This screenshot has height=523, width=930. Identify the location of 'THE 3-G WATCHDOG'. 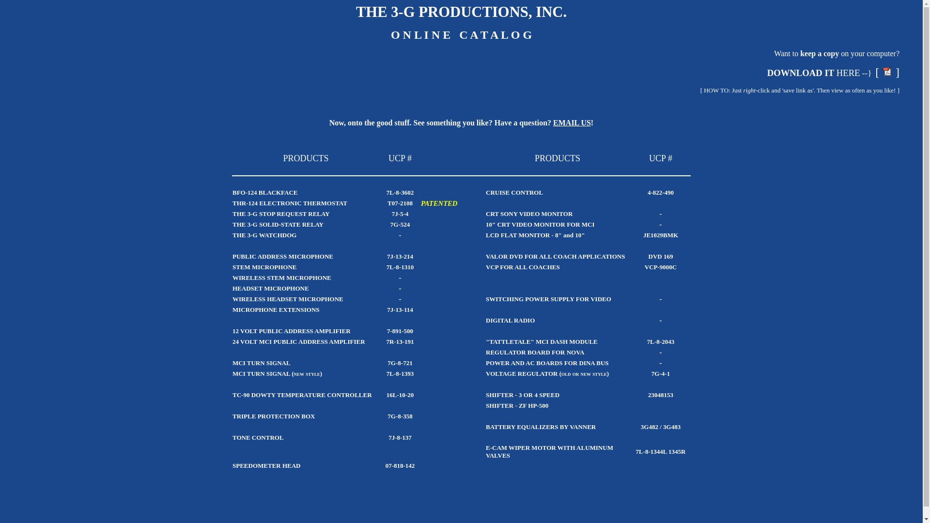
(264, 235).